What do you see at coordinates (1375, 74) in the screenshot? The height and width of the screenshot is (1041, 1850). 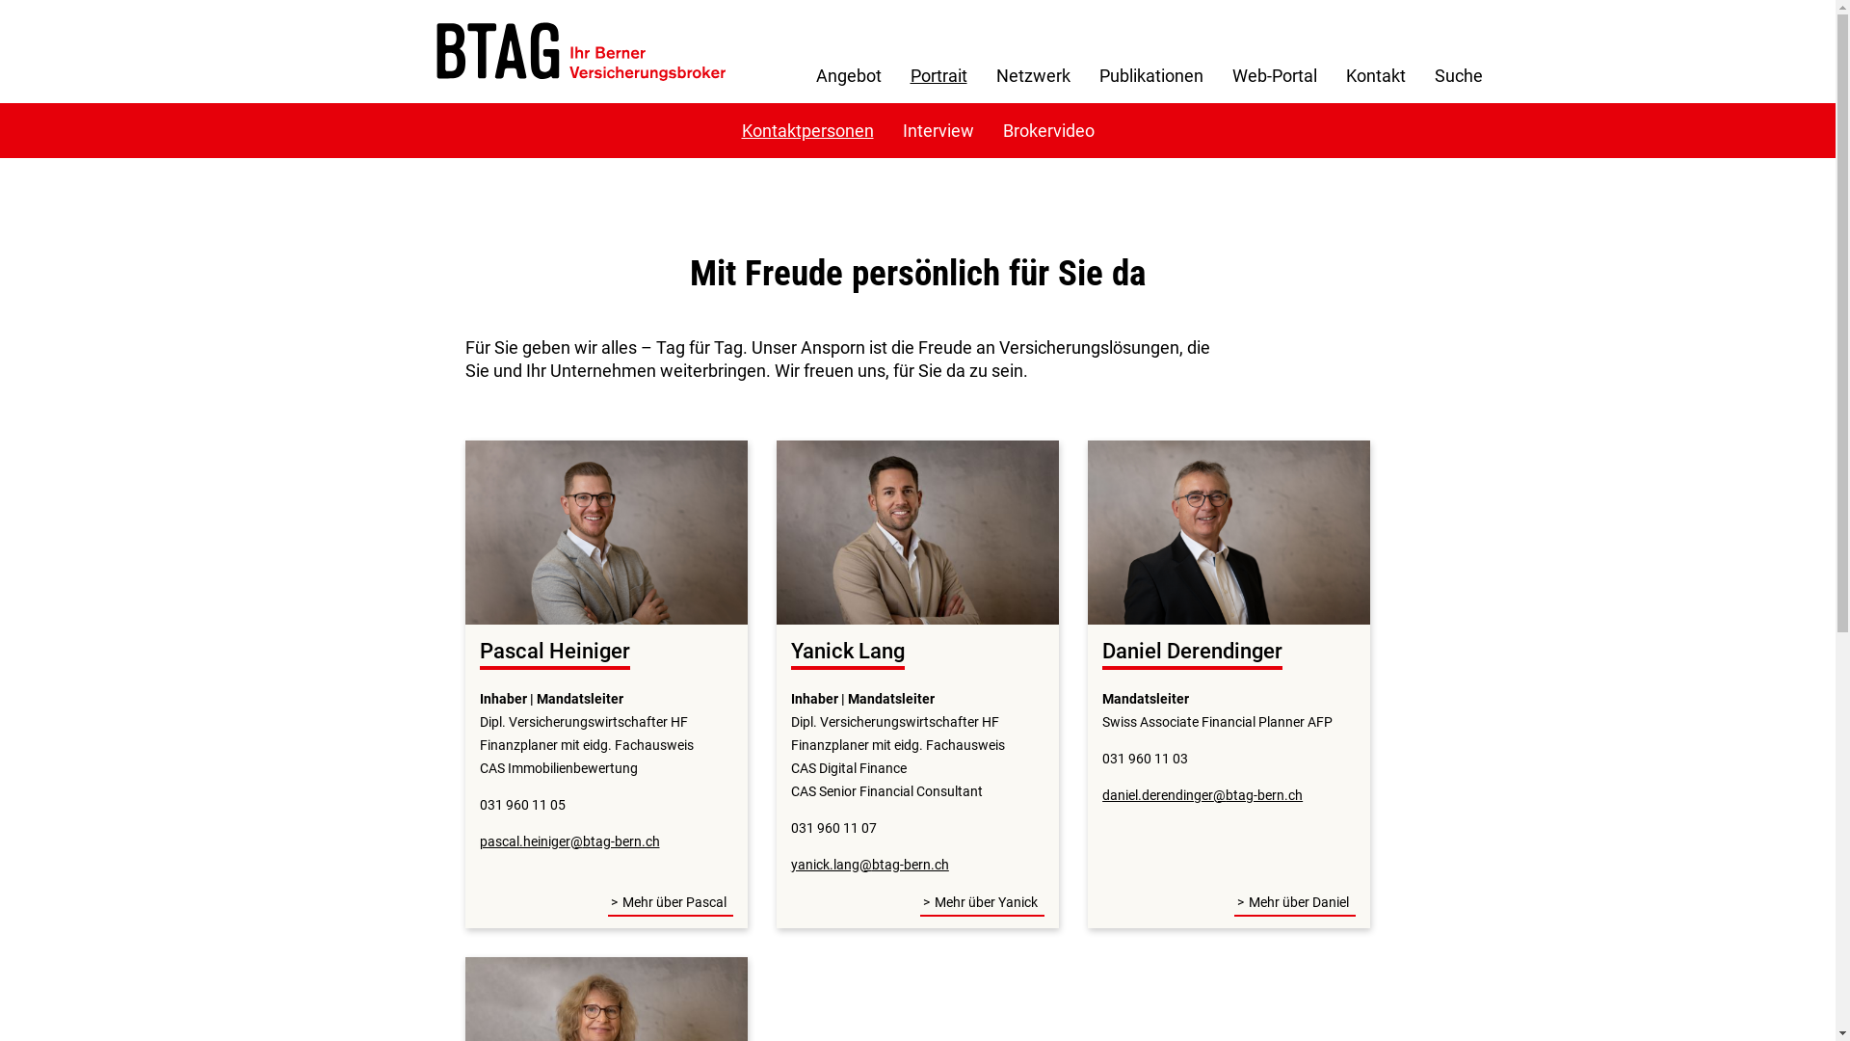 I see `'Kontakt'` at bounding box center [1375, 74].